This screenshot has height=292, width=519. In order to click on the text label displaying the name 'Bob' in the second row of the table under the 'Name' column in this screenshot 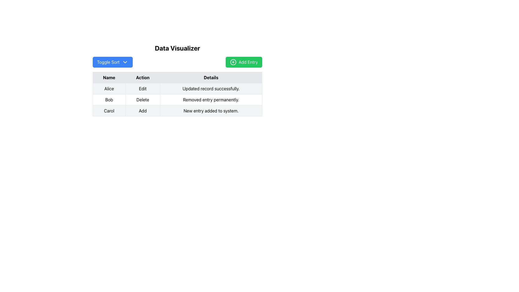, I will do `click(109, 100)`.